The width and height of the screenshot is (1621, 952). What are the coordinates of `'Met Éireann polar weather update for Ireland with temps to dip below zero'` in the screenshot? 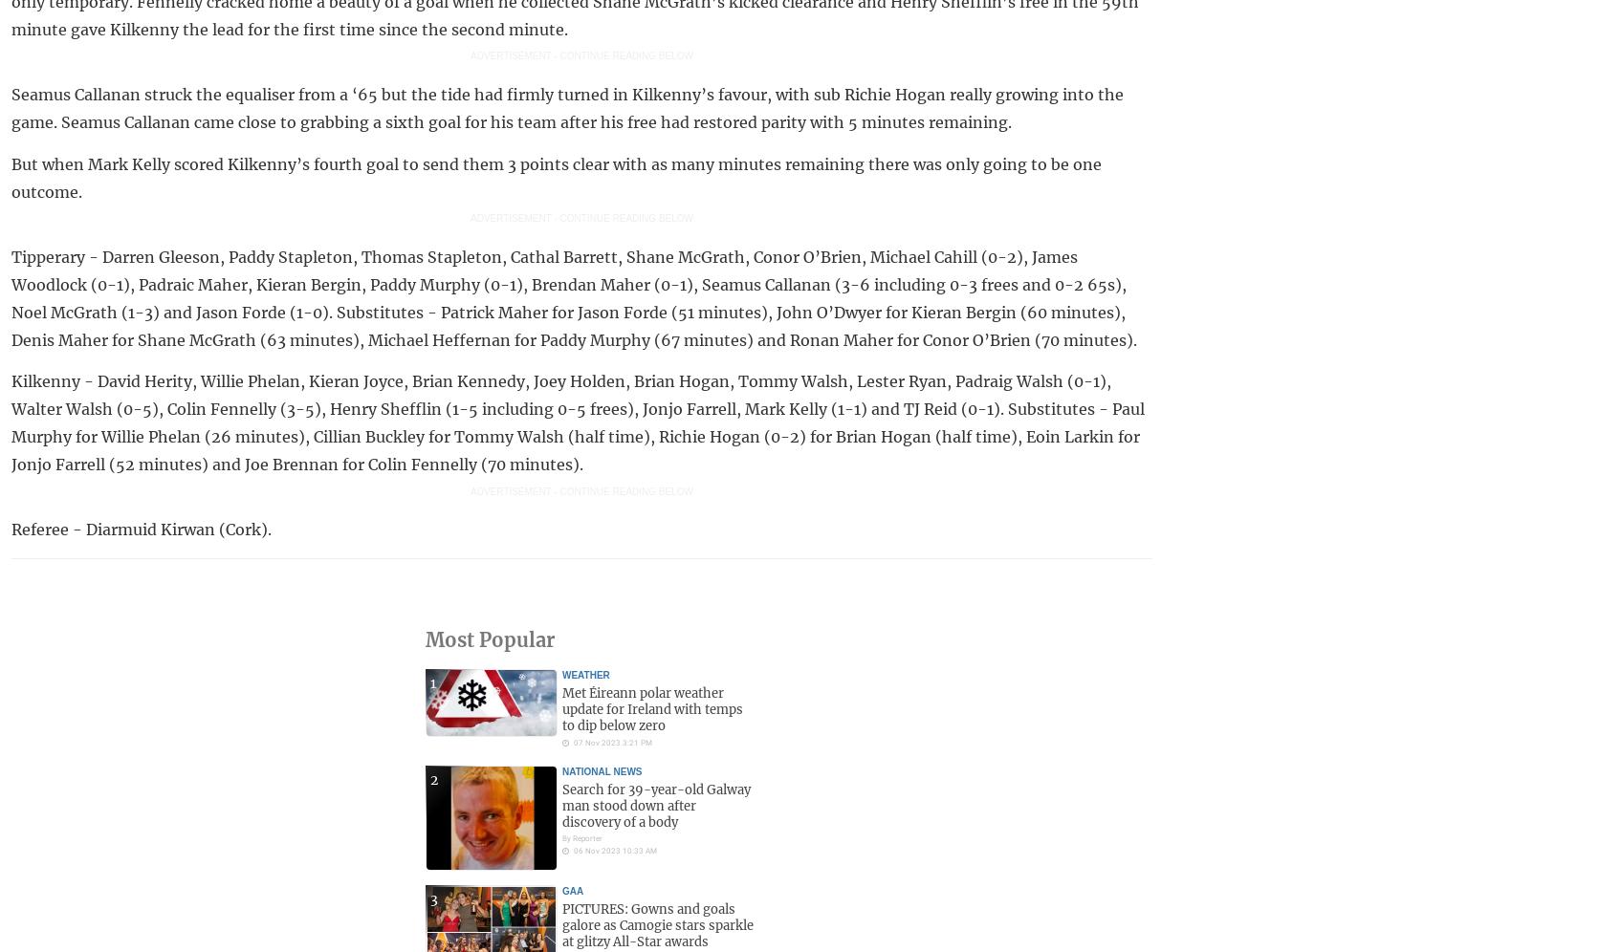 It's located at (561, 708).